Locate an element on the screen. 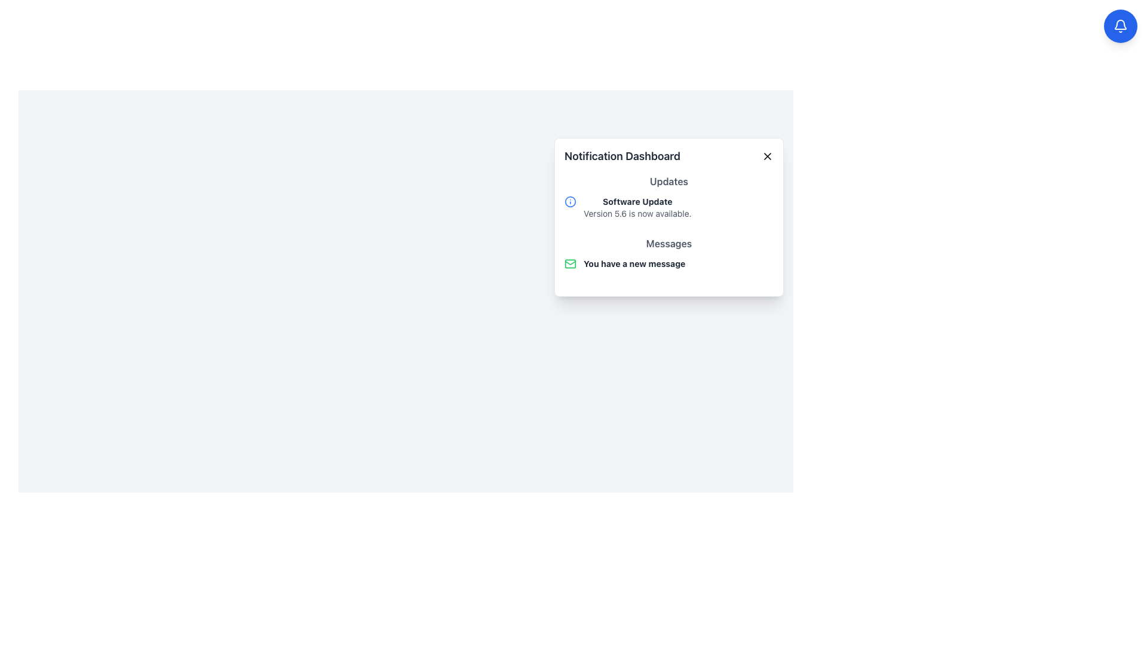 The height and width of the screenshot is (645, 1147). the informational notification about the newly available software update, Version 5.6, located in the 'Updates' section of the notification panel is located at coordinates (668, 207).